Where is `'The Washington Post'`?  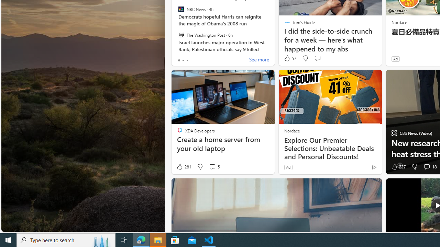 'The Washington Post' is located at coordinates (181, 35).